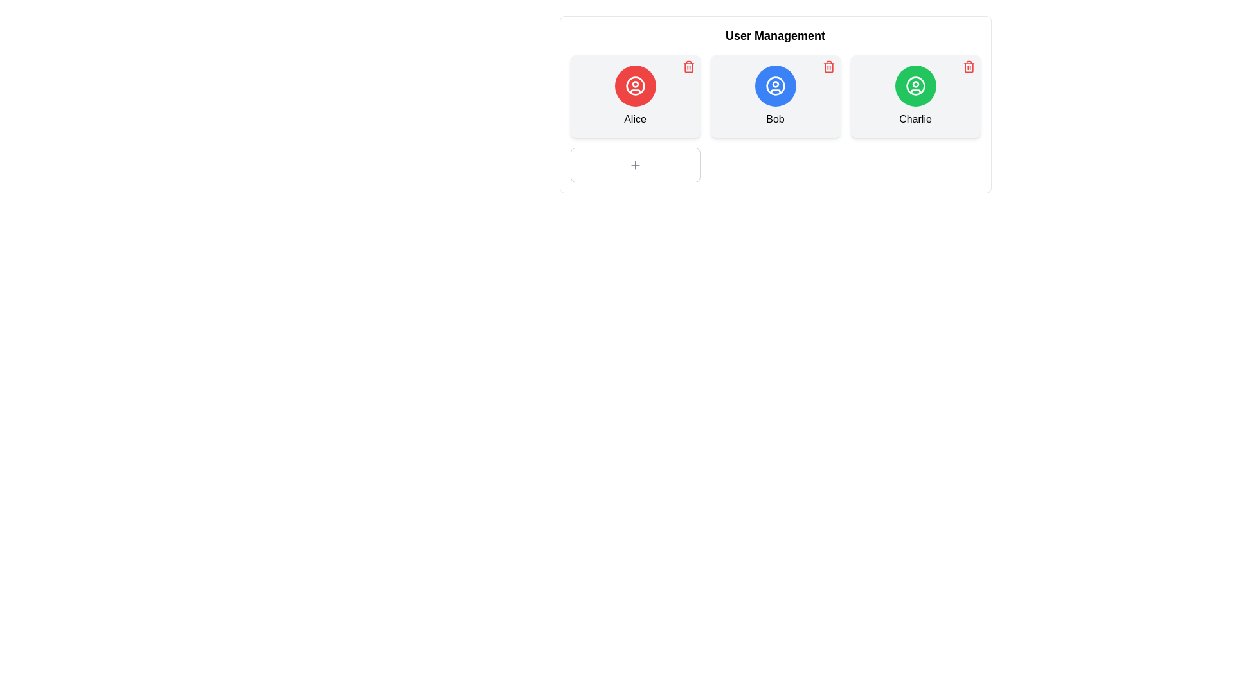 This screenshot has height=694, width=1234. I want to click on the SVG Circle representing the user 'Charlie' in the User Management section, so click(915, 86).